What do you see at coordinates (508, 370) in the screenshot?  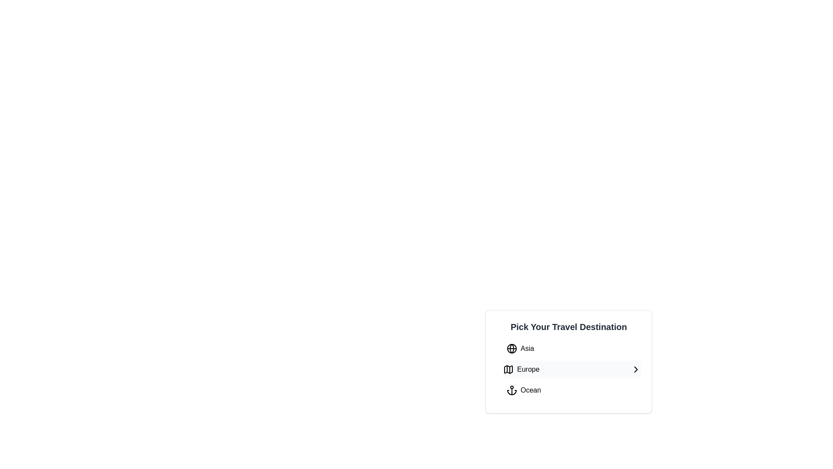 I see `the map-like graphic icon with a black outline located under the 'Europe' option in the menu` at bounding box center [508, 370].